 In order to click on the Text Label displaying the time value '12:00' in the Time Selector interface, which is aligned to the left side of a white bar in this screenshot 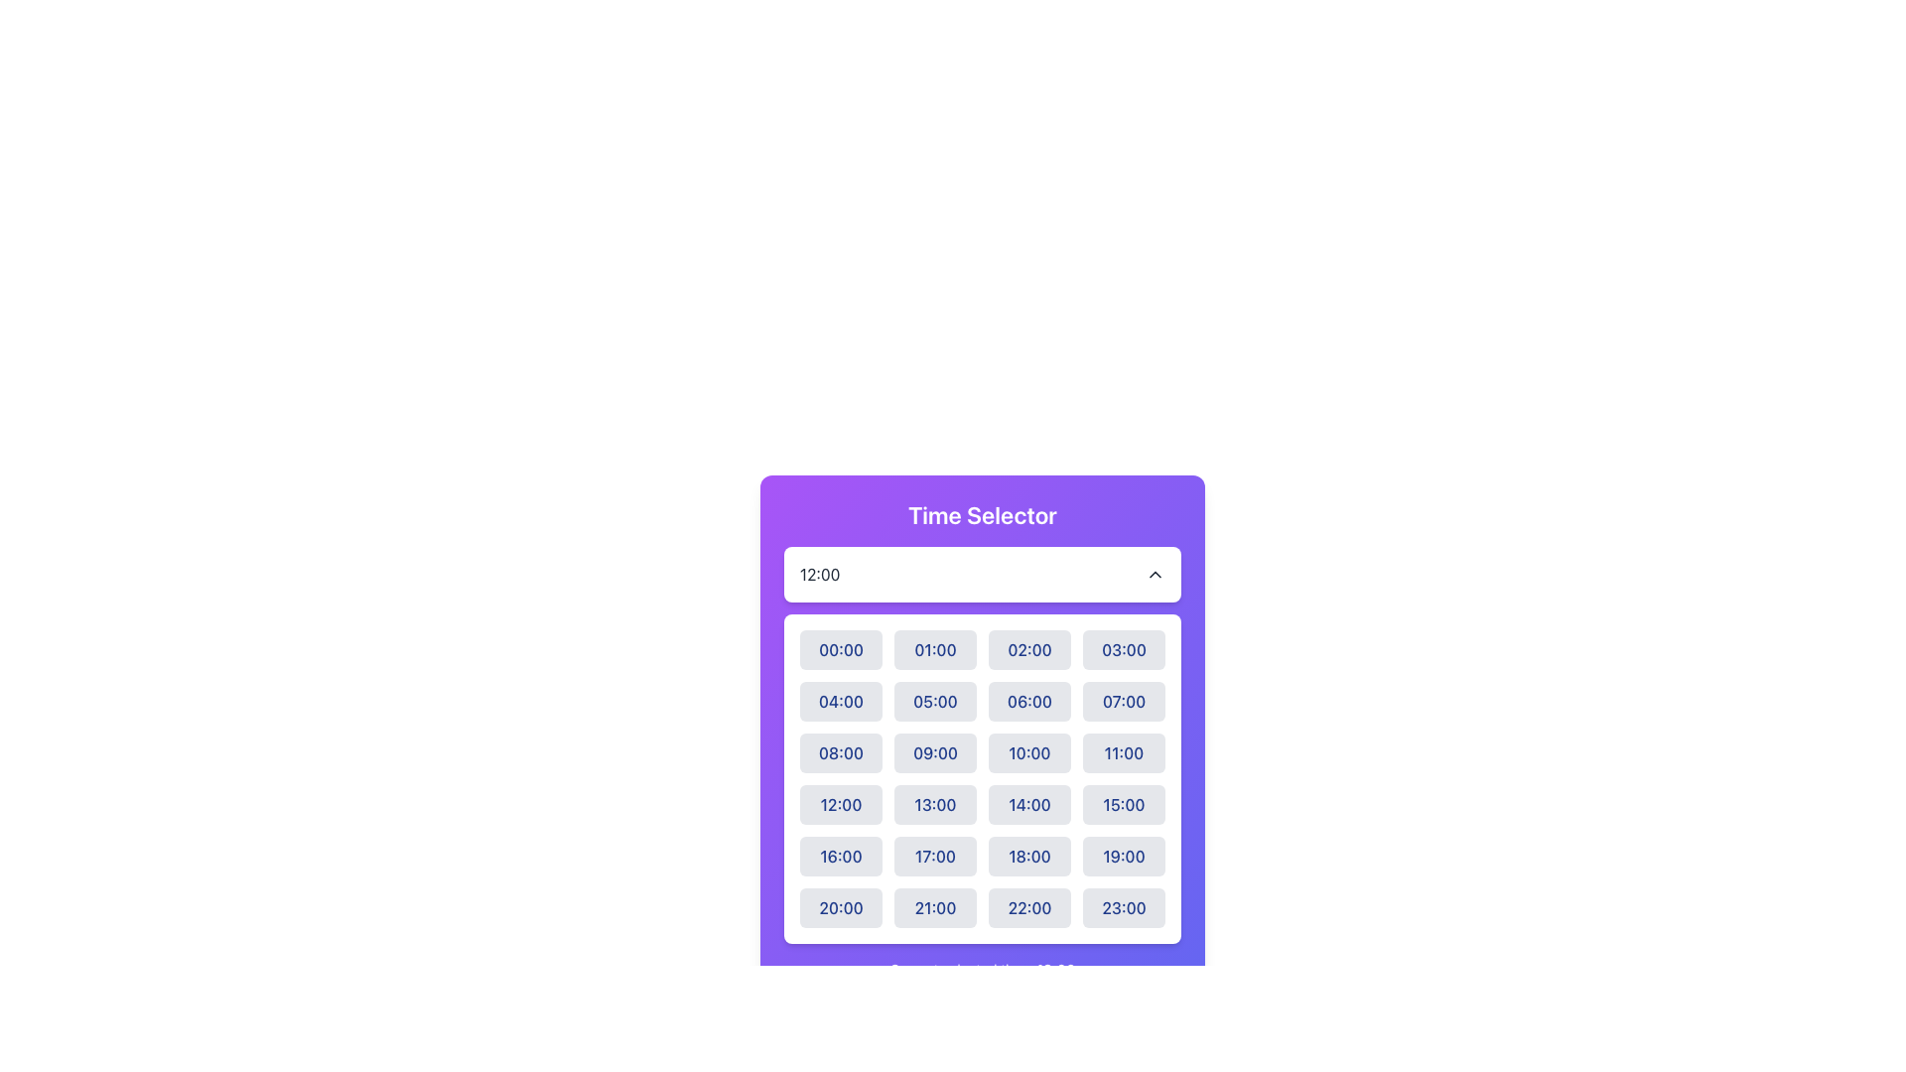, I will do `click(820, 574)`.